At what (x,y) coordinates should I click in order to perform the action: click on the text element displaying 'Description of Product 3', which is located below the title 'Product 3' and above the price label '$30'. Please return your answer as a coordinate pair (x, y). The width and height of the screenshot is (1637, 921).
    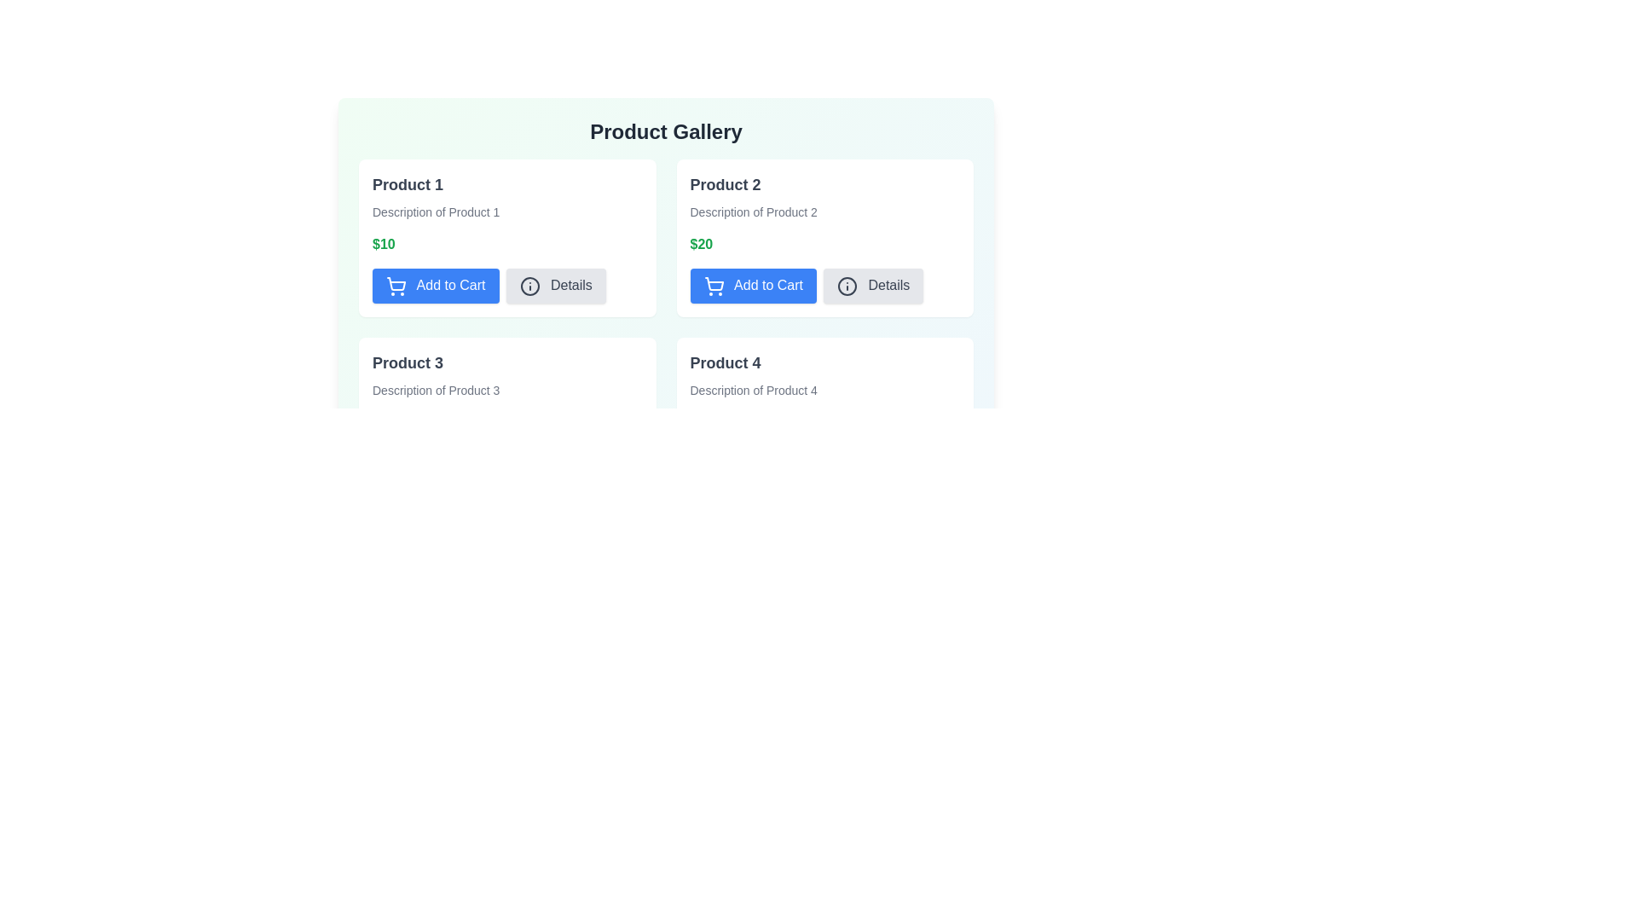
    Looking at the image, I should click on (436, 390).